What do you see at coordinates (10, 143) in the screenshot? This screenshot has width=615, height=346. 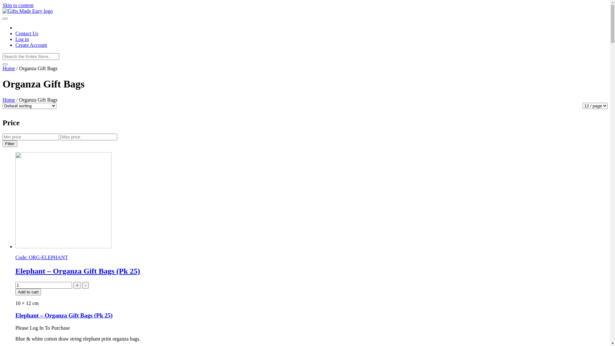 I see `'Filter'` at bounding box center [10, 143].